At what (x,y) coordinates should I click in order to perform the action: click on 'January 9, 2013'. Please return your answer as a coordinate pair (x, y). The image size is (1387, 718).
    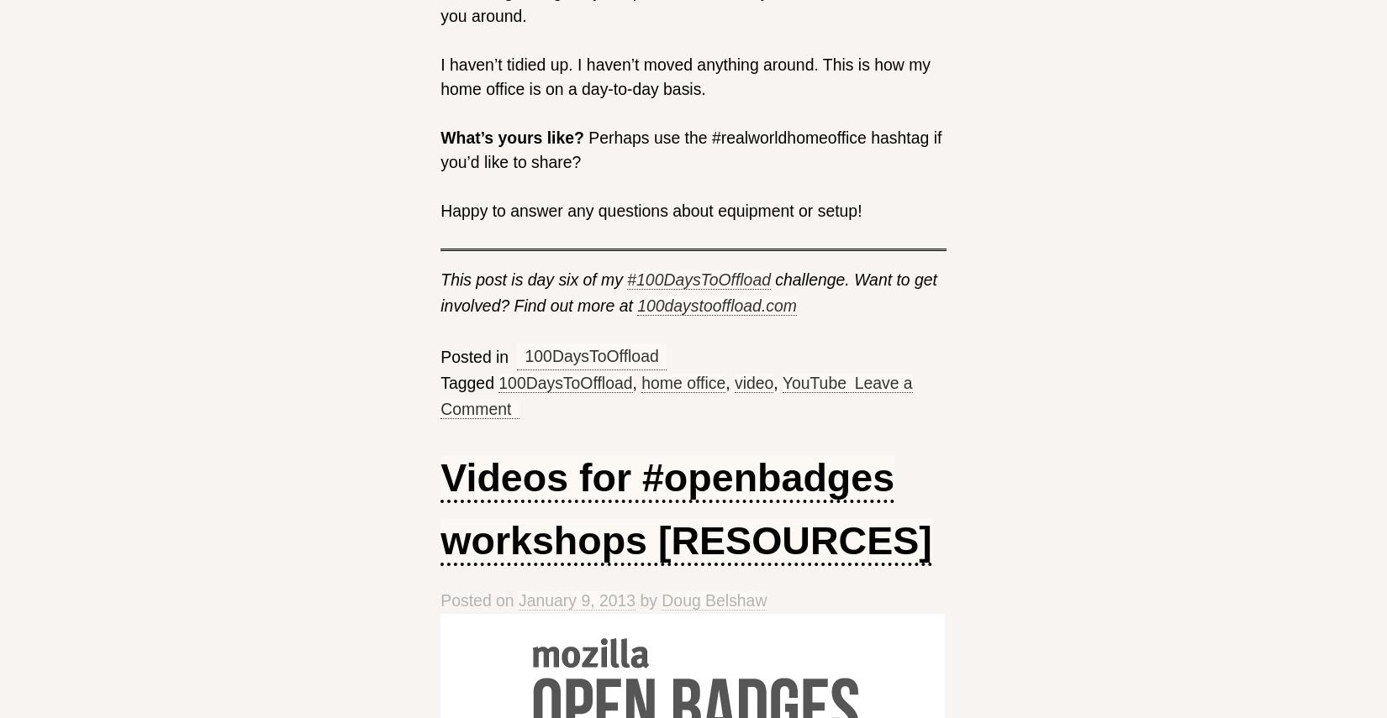
    Looking at the image, I should click on (576, 599).